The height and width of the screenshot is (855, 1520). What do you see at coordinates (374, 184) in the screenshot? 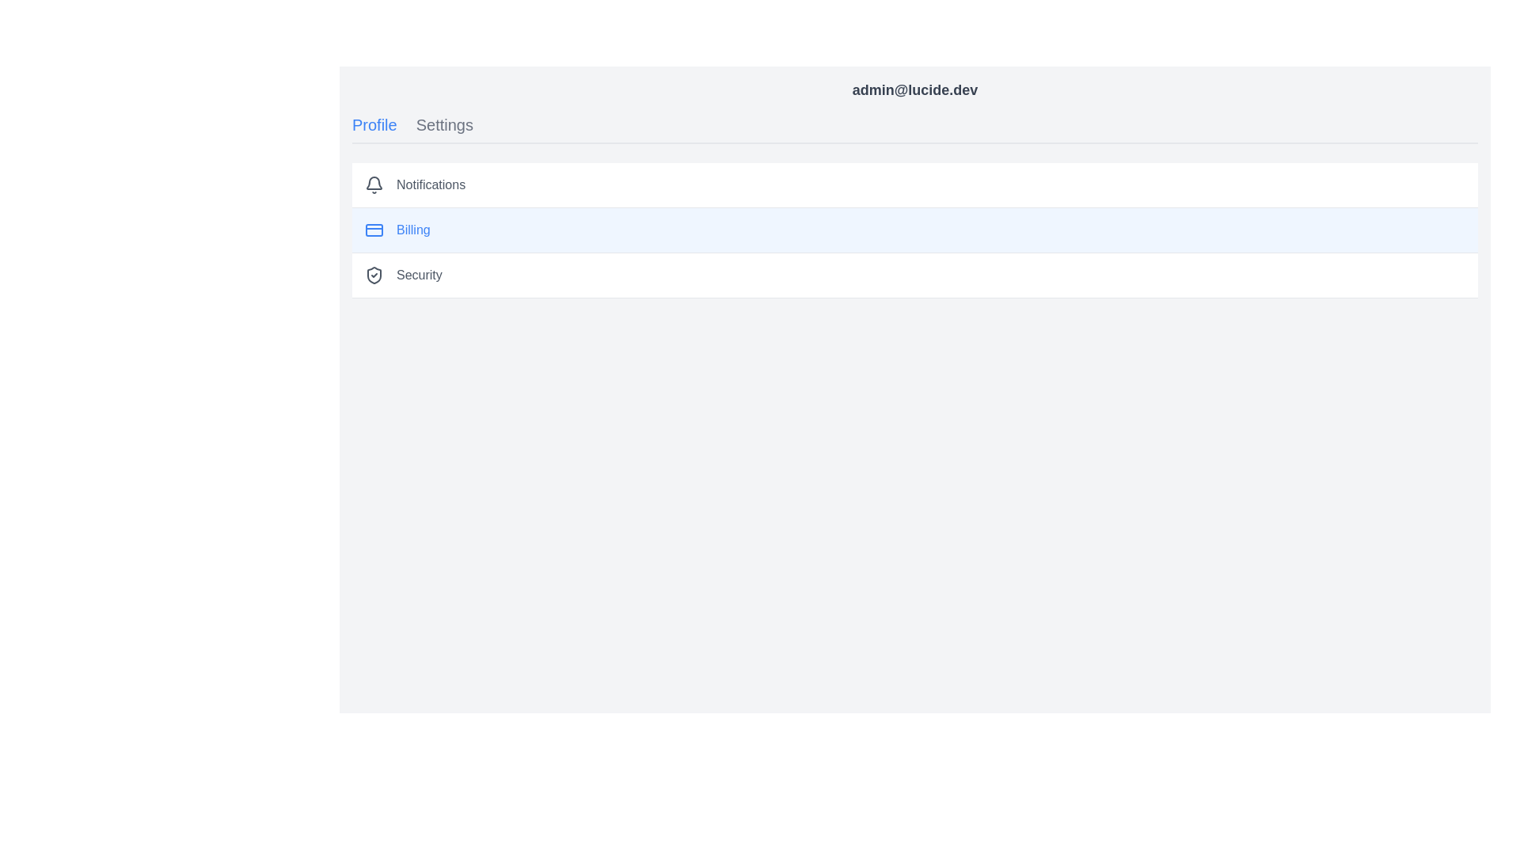
I see `the bell icon representing the notifications section, which is the leftmost component of the 'Notifications' row in the navigation list` at bounding box center [374, 184].